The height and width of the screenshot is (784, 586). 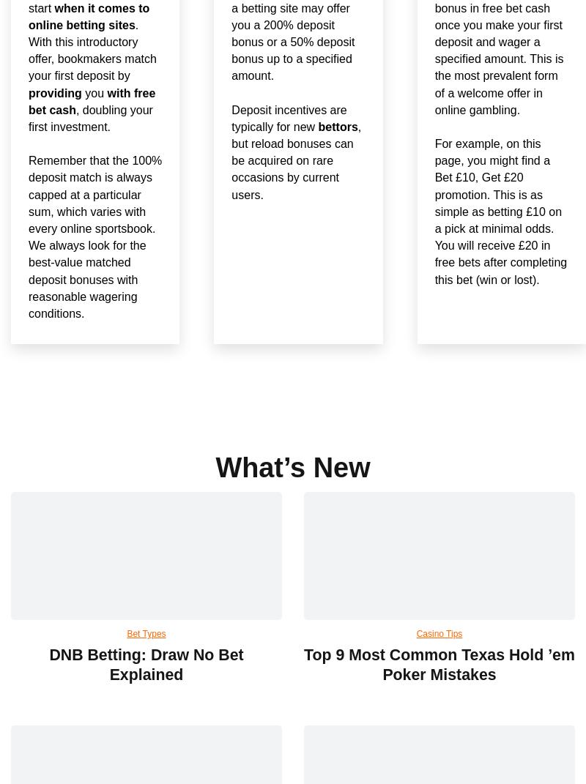 What do you see at coordinates (438, 634) in the screenshot?
I see `'Casino Tips'` at bounding box center [438, 634].